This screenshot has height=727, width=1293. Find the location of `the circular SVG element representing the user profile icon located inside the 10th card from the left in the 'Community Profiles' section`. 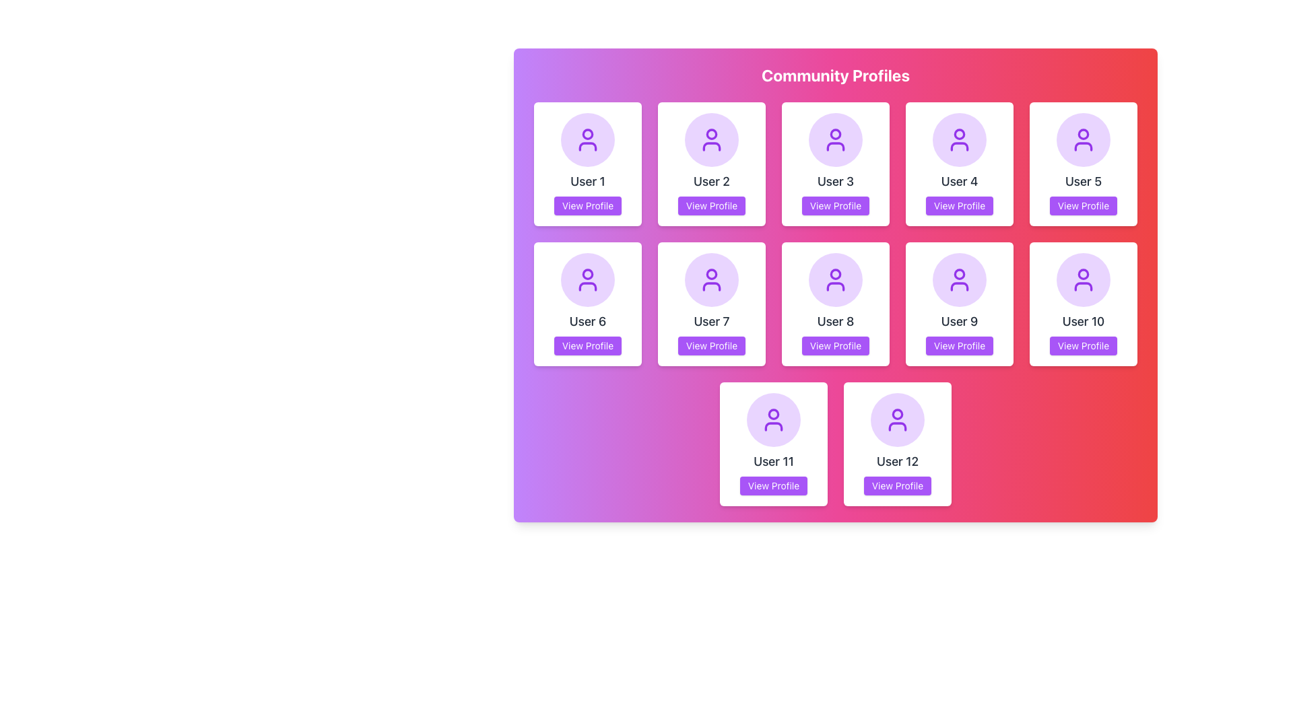

the circular SVG element representing the user profile icon located inside the 10th card from the left in the 'Community Profiles' section is located at coordinates (1083, 273).